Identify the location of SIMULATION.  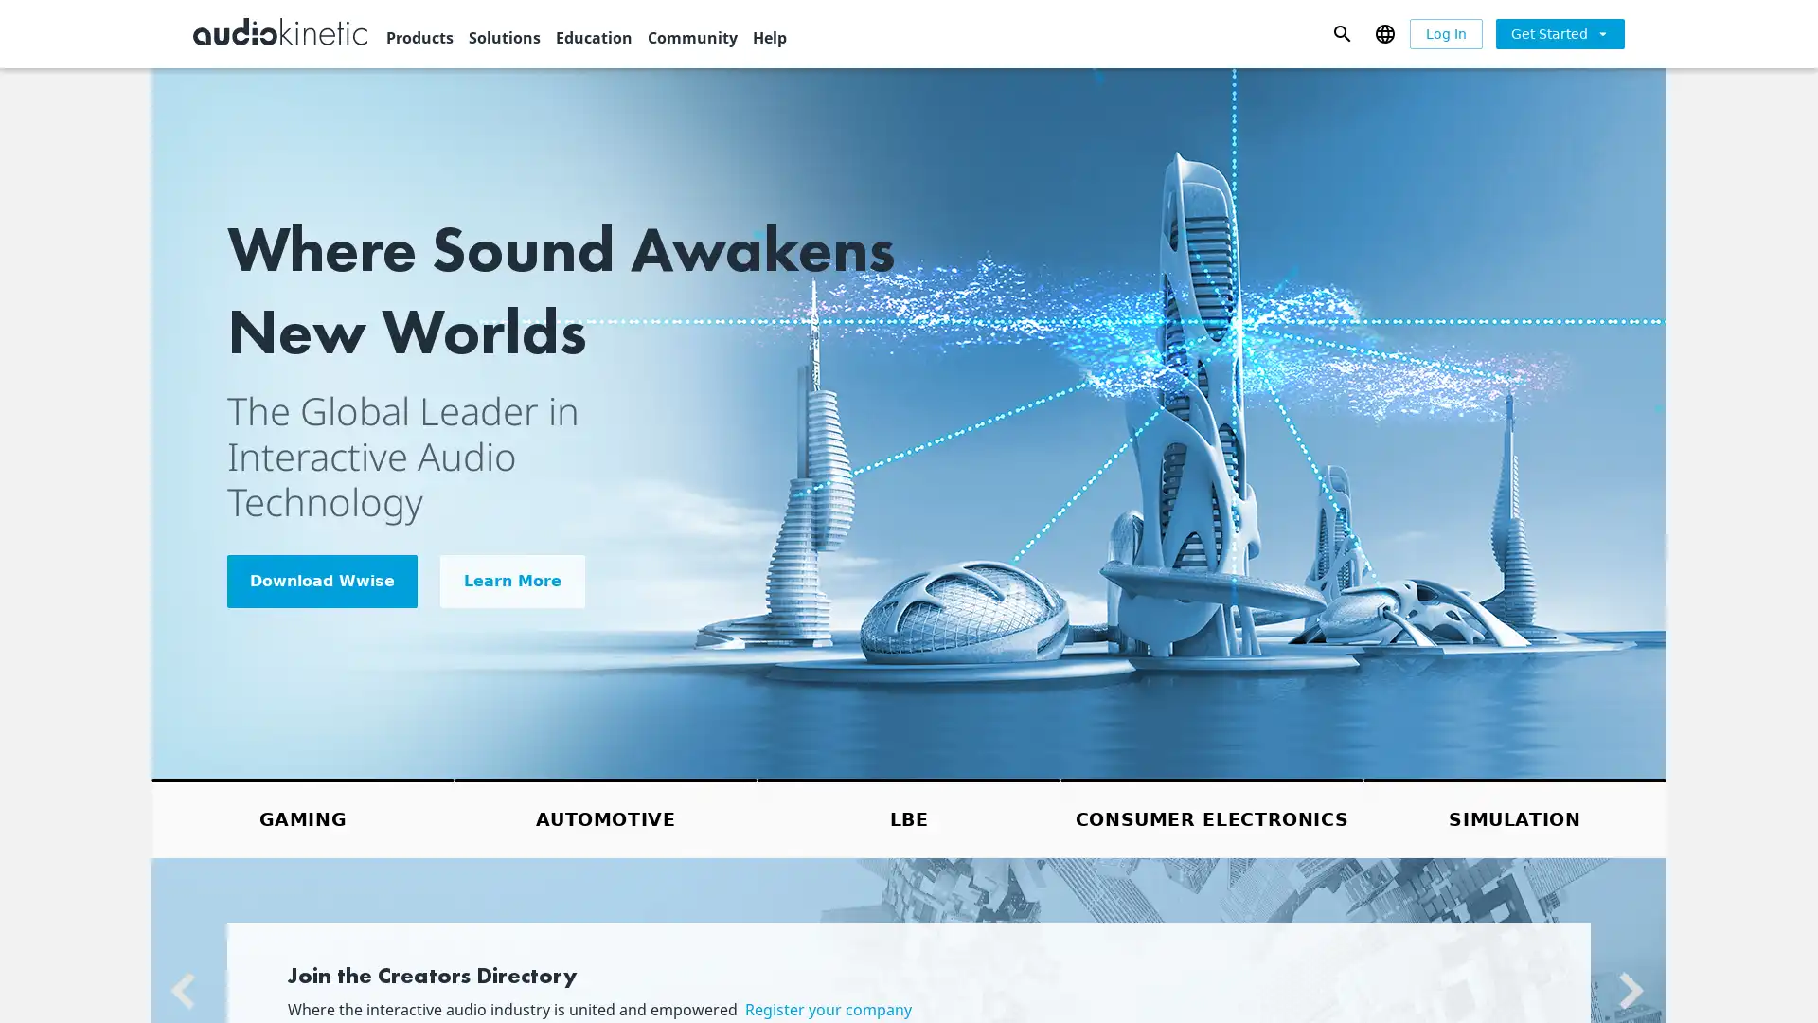
(1513, 817).